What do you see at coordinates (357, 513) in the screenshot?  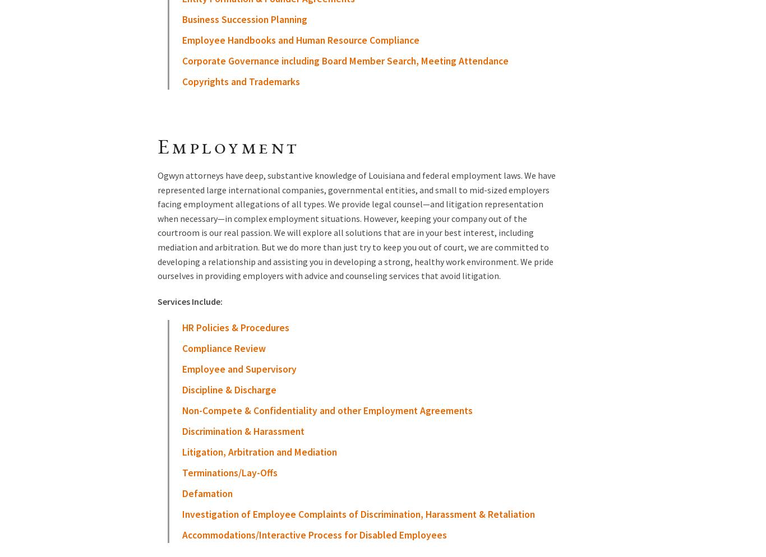 I see `'Investigation of Employee Complaints of Discrimination, Harassment & Retaliation'` at bounding box center [357, 513].